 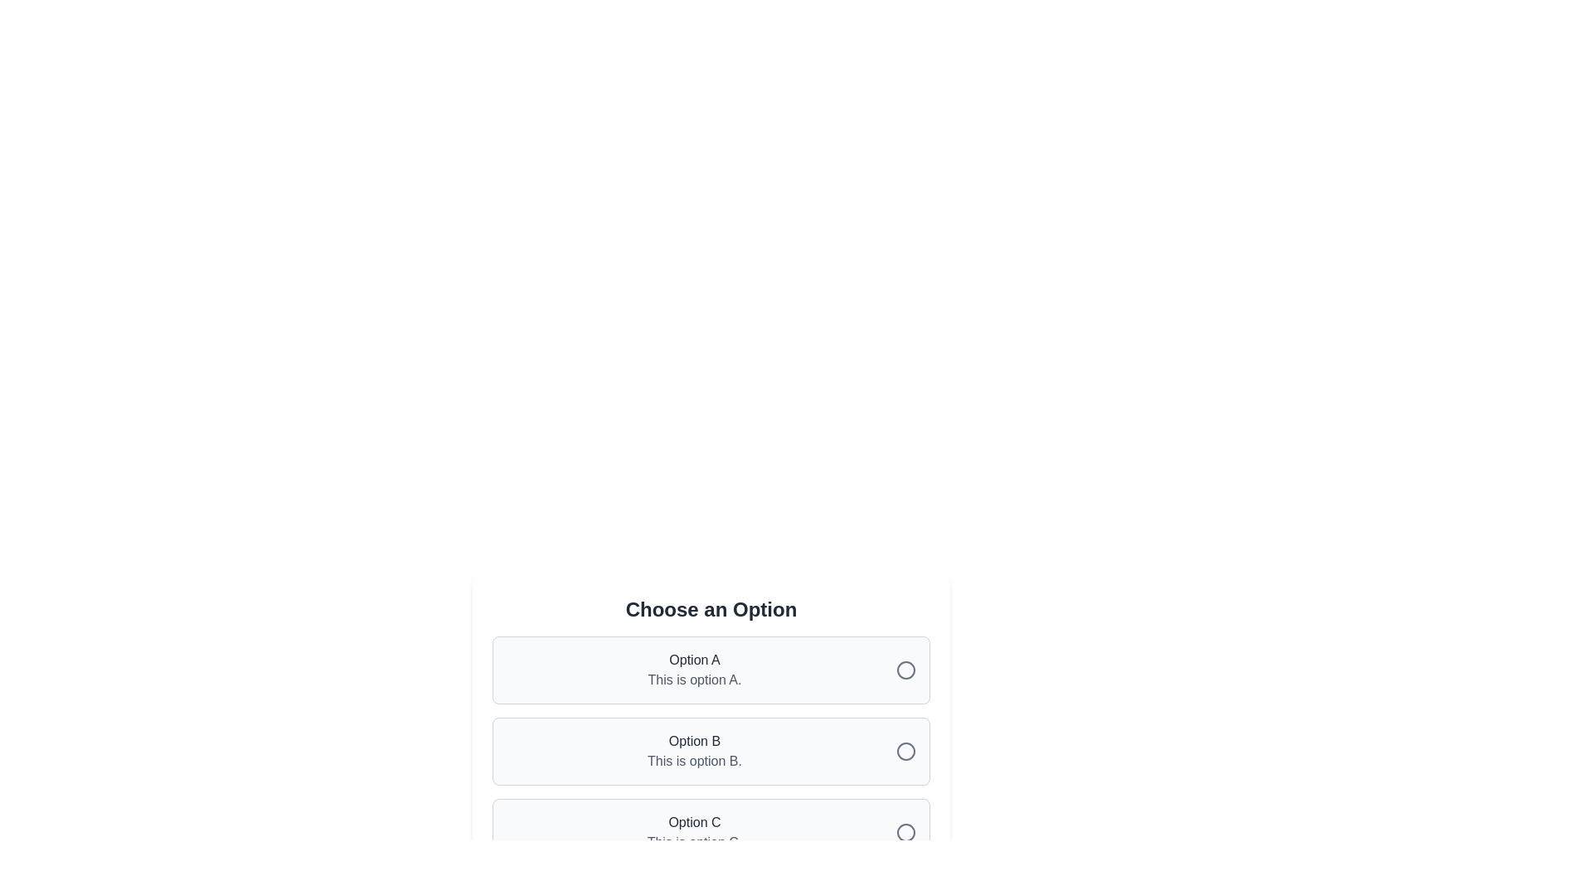 What do you see at coordinates (905, 751) in the screenshot?
I see `the SVG circle element representing option B in the vertical list, which is styled with a border and empty interior` at bounding box center [905, 751].